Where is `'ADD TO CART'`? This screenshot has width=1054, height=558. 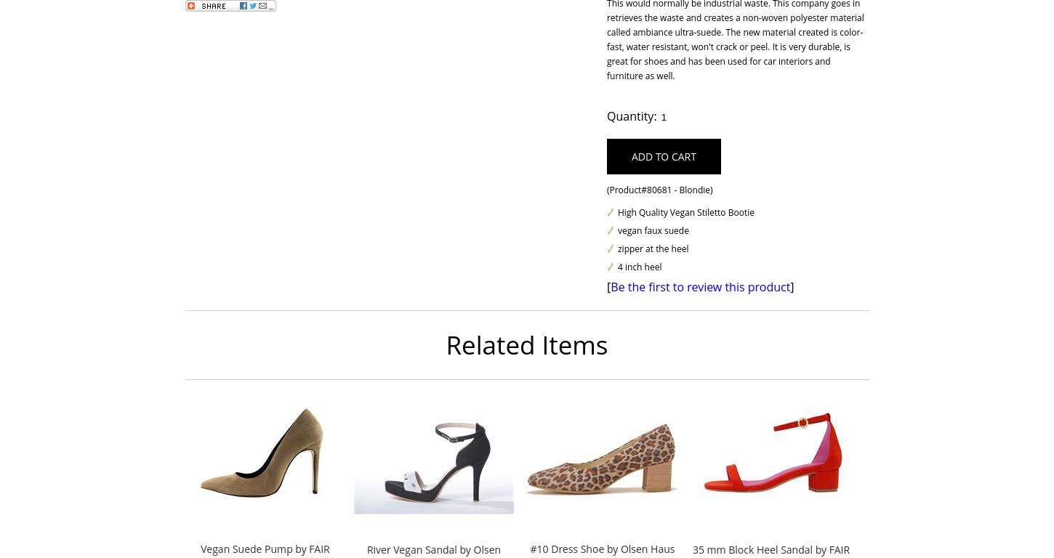 'ADD TO CART' is located at coordinates (663, 155).